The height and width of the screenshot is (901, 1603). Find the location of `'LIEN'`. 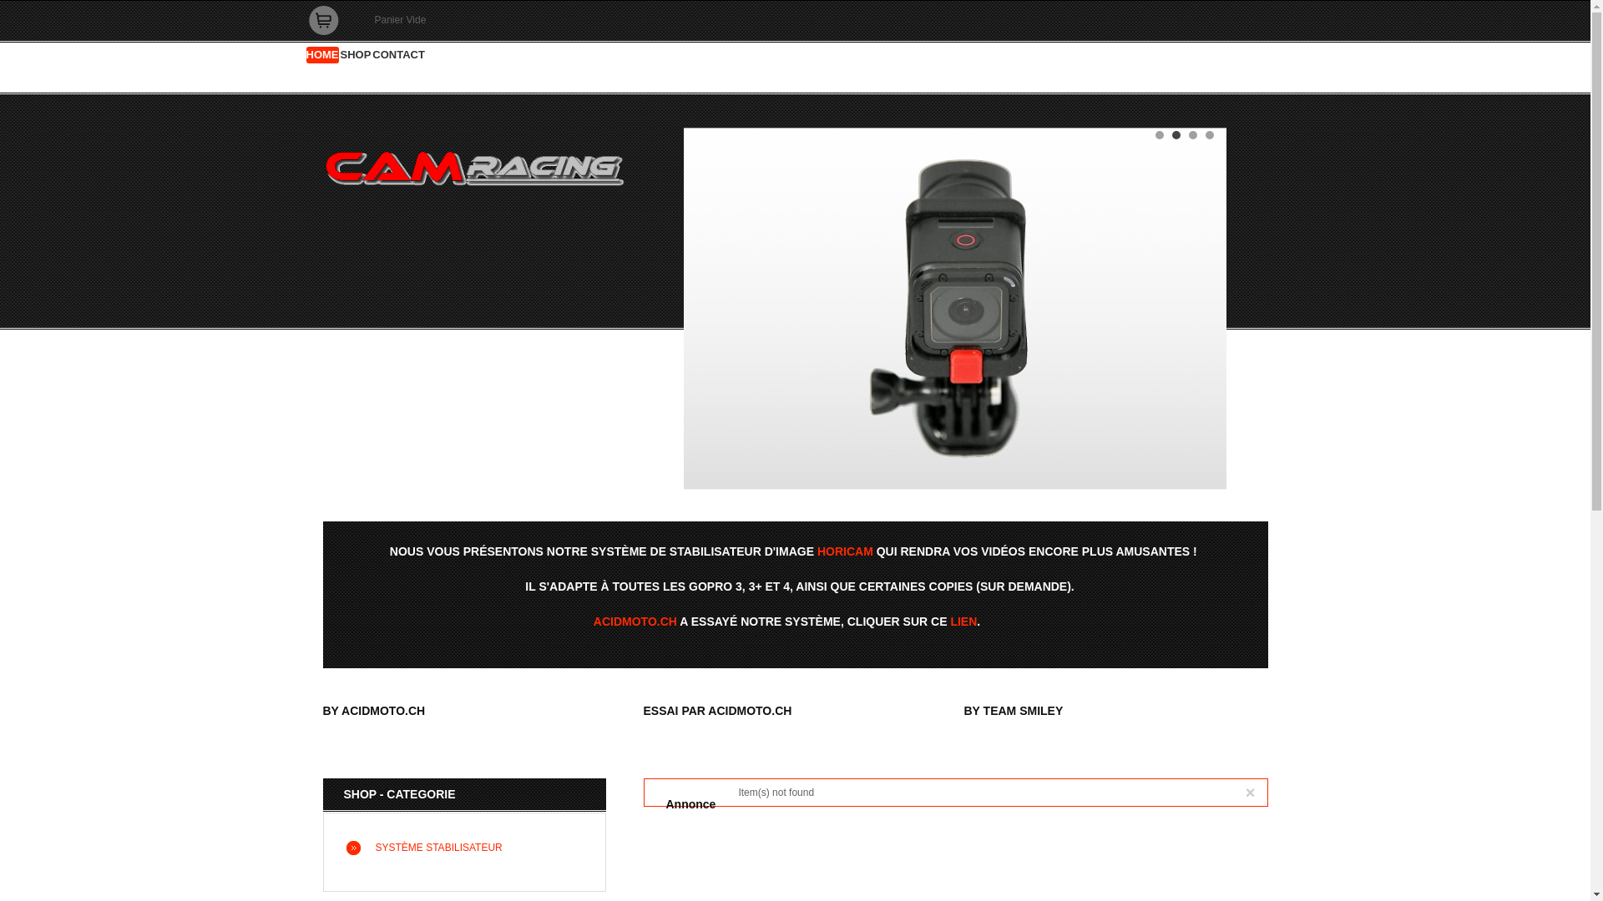

'LIEN' is located at coordinates (963, 621).